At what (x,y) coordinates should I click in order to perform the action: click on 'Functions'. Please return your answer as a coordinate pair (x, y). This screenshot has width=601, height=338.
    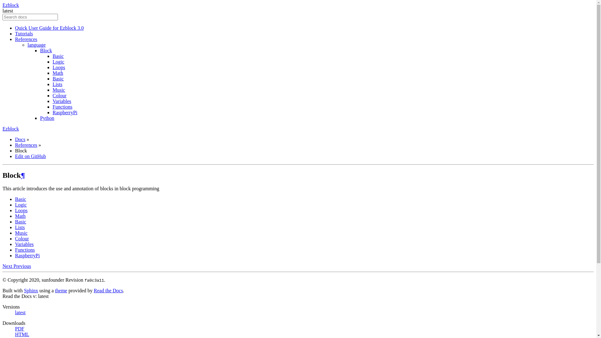
    Looking at the image, I should click on (62, 106).